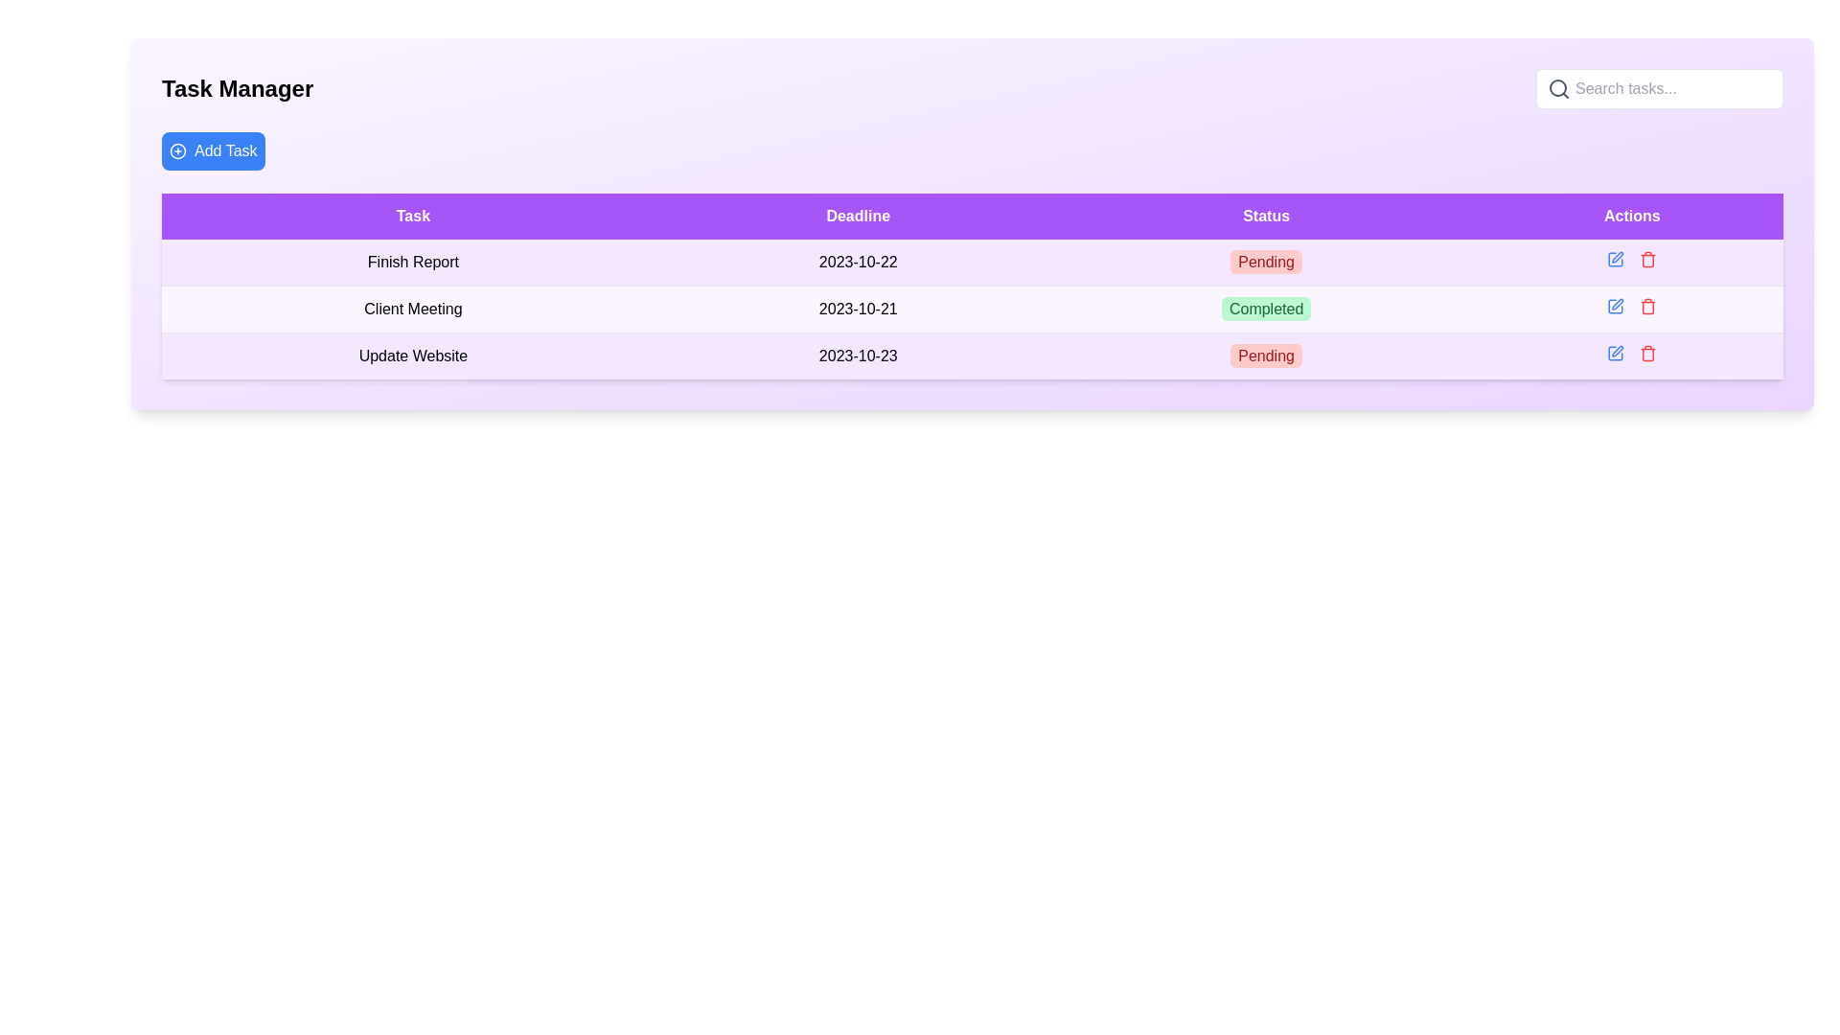 The image size is (1840, 1035). I want to click on the trash bin icon in the Actions column of the third row to initiate the delete action, so click(1647, 307).